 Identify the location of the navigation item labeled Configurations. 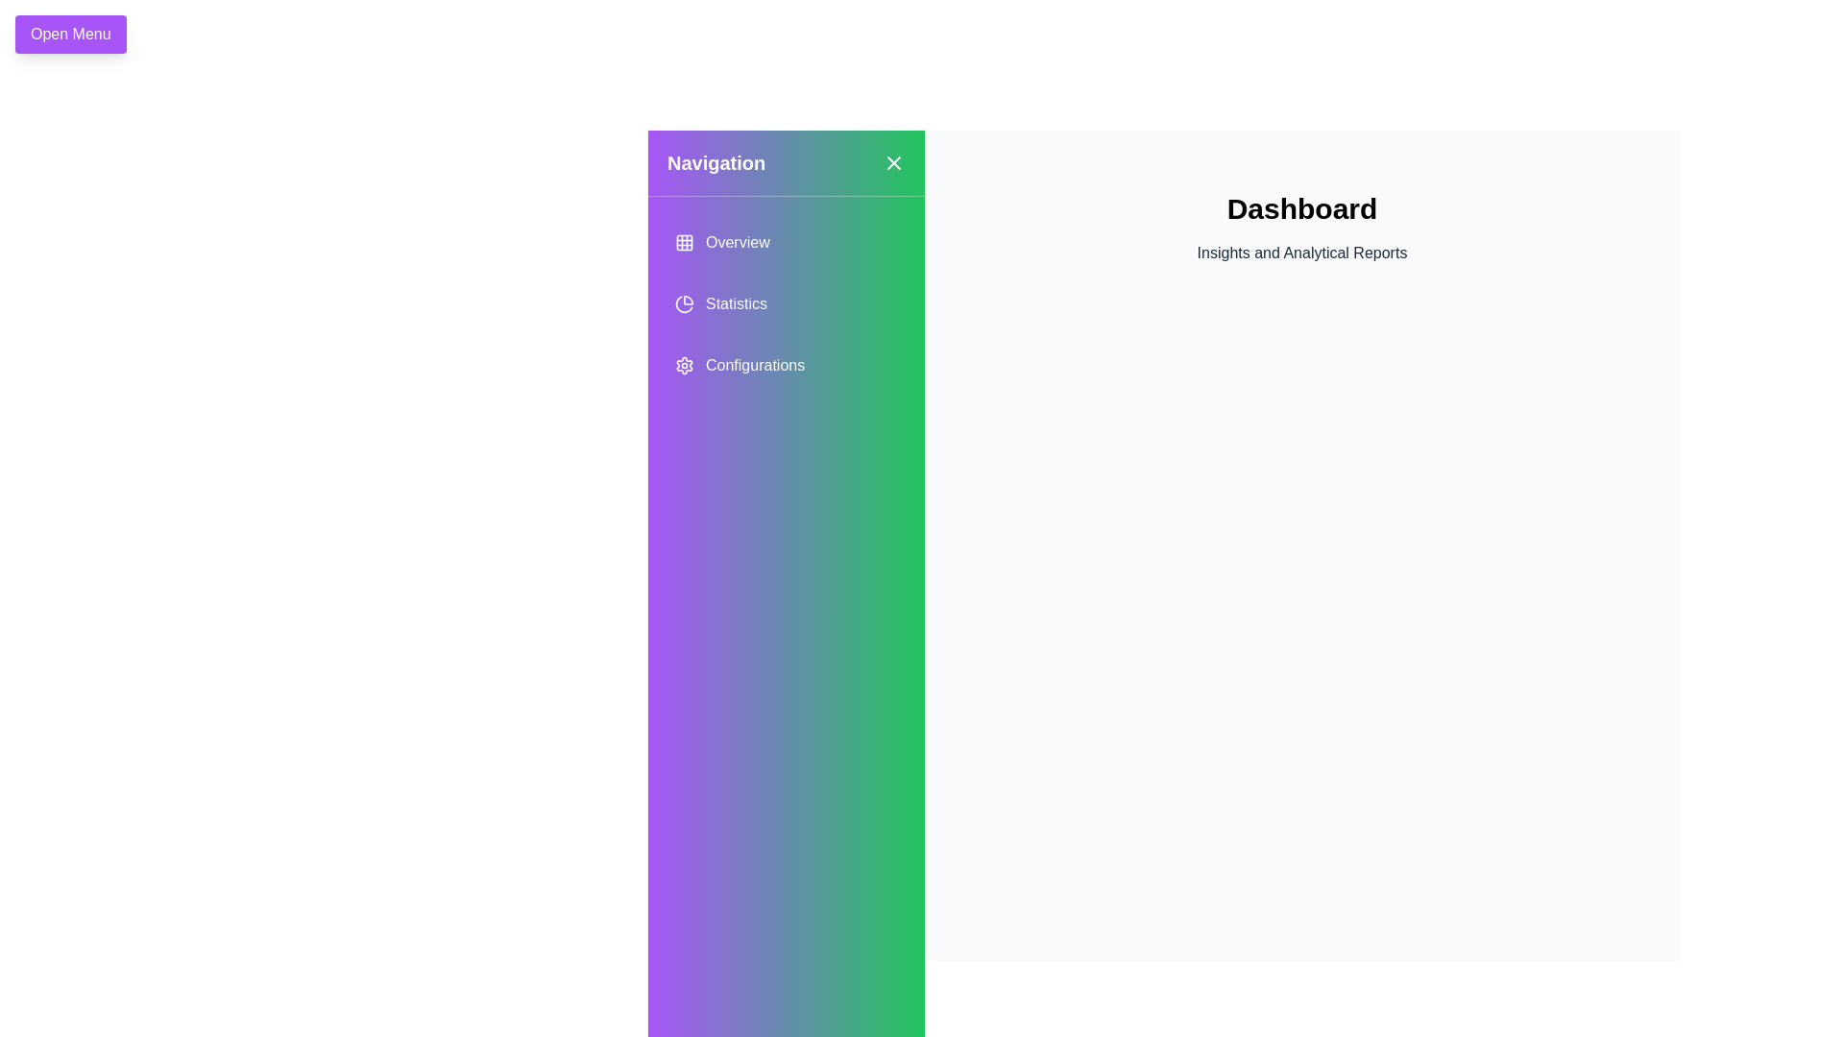
(787, 366).